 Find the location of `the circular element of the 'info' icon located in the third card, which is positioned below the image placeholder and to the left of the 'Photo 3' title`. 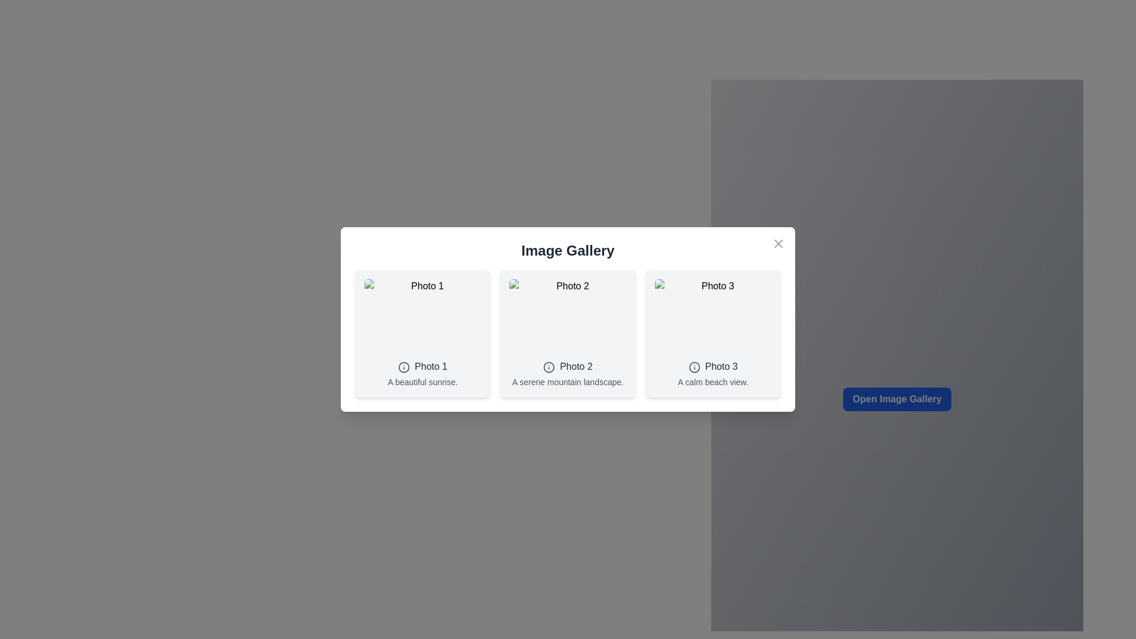

the circular element of the 'info' icon located in the third card, which is positioned below the image placeholder and to the left of the 'Photo 3' title is located at coordinates (694, 366).